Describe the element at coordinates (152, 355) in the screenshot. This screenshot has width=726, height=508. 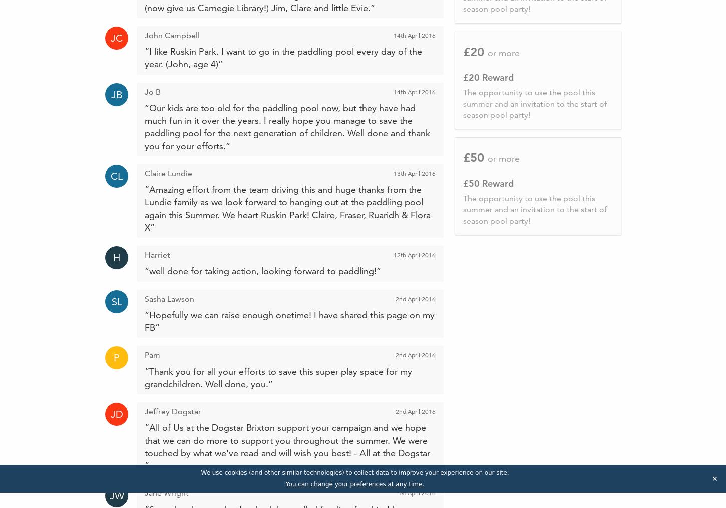
I see `'Pam'` at that location.